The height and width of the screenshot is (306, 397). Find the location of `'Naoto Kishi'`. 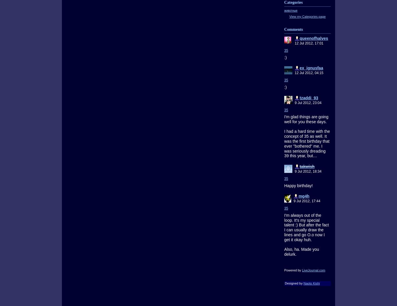

'Naoto Kishi' is located at coordinates (311, 283).